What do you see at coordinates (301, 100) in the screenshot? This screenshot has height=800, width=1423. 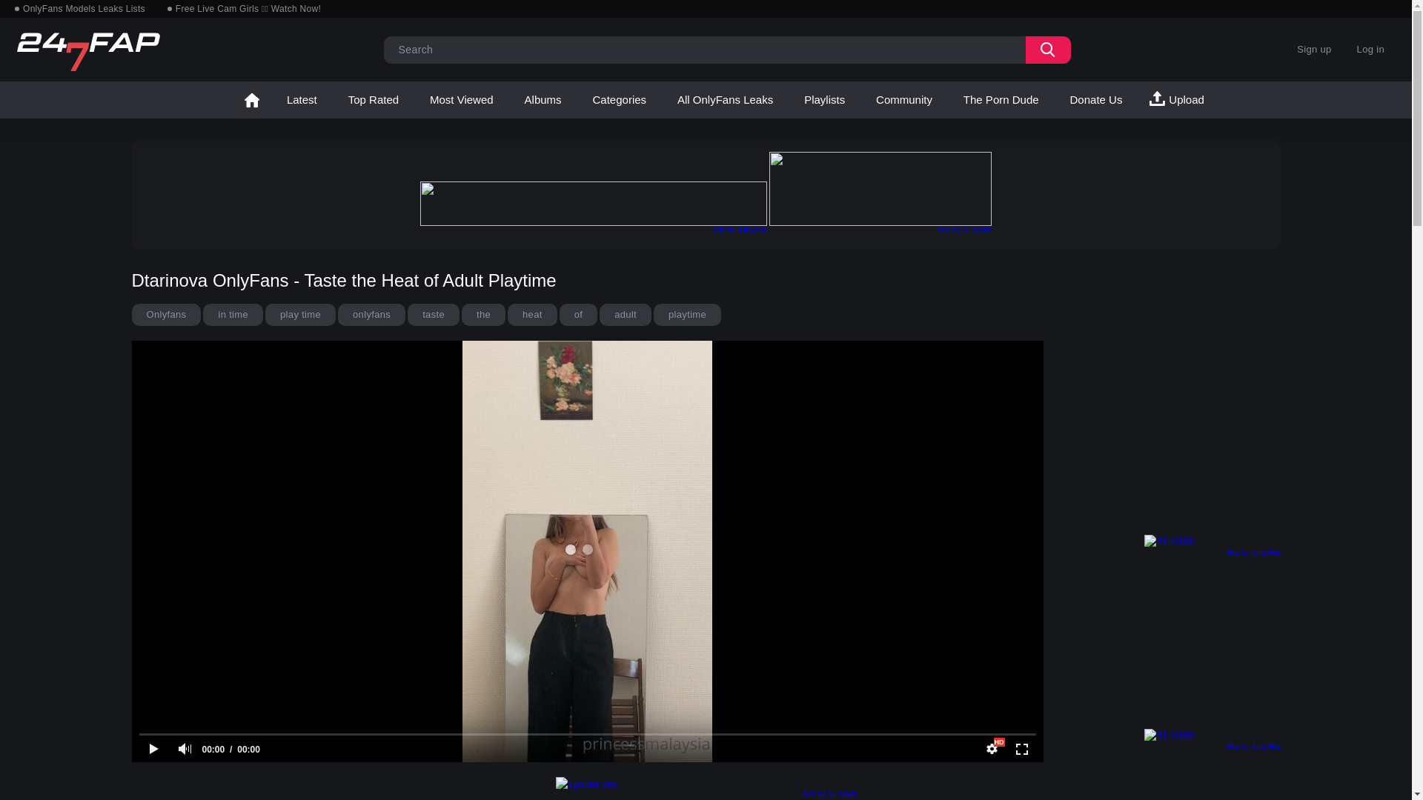 I see `'Latest'` at bounding box center [301, 100].